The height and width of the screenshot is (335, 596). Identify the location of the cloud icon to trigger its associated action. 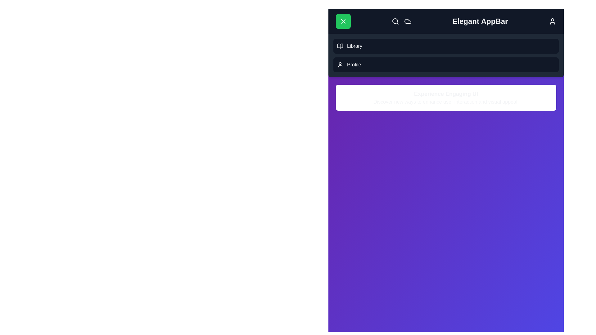
(408, 21).